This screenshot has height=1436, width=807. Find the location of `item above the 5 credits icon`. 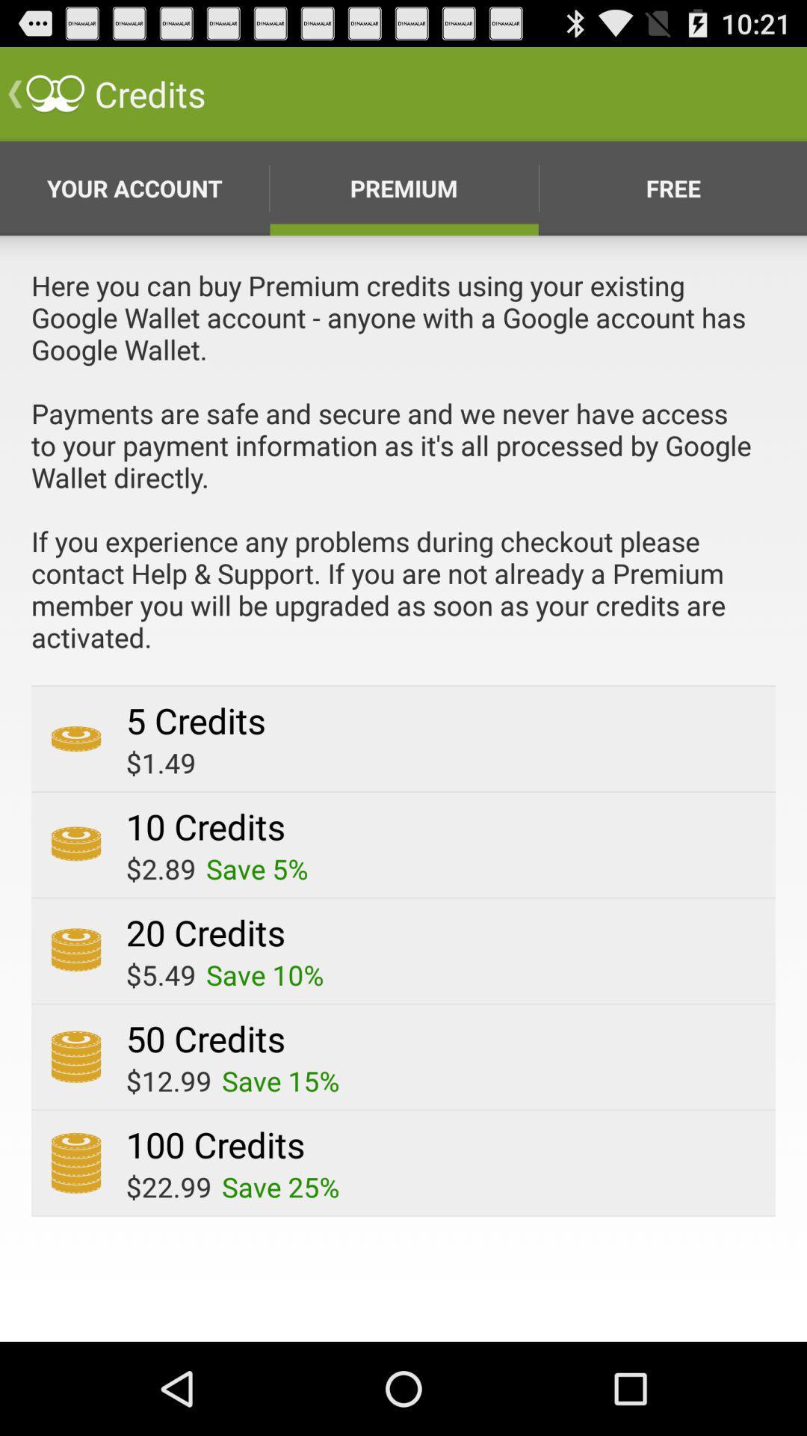

item above the 5 credits icon is located at coordinates (403, 475).